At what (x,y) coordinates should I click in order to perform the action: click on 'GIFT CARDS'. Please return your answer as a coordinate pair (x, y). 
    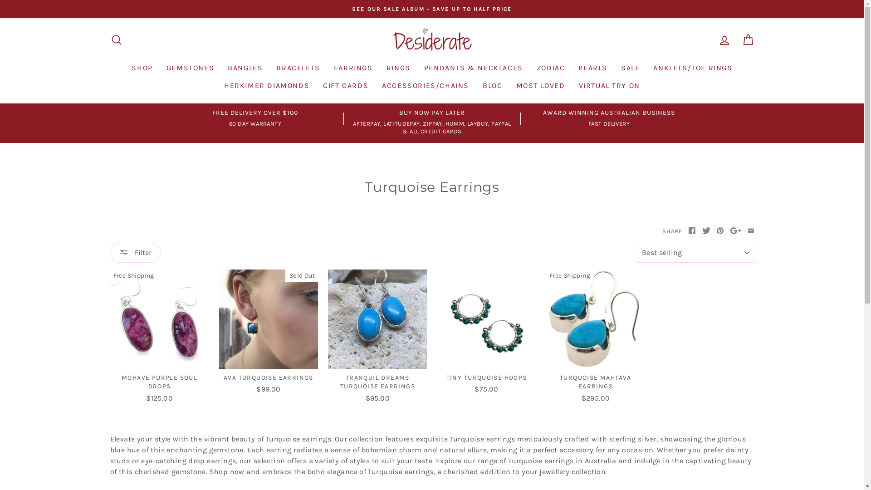
    Looking at the image, I should click on (345, 85).